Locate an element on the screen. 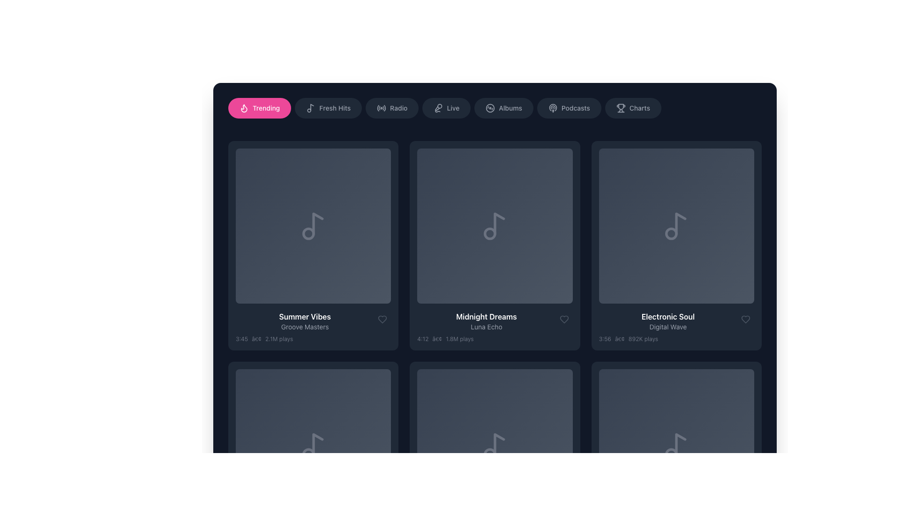 Image resolution: width=900 pixels, height=506 pixels. the music note icon, which features a circular note head and a vertical stem with a flag, located centrally in the second column of the top row in a grid layout is located at coordinates (495, 226).